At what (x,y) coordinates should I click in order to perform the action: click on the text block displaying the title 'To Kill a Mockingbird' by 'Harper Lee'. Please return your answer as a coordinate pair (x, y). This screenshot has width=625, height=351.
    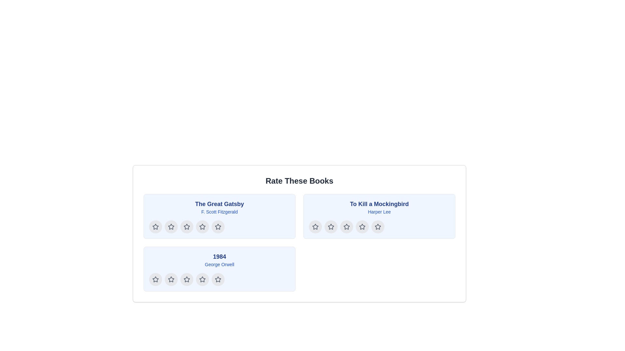
    Looking at the image, I should click on (379, 207).